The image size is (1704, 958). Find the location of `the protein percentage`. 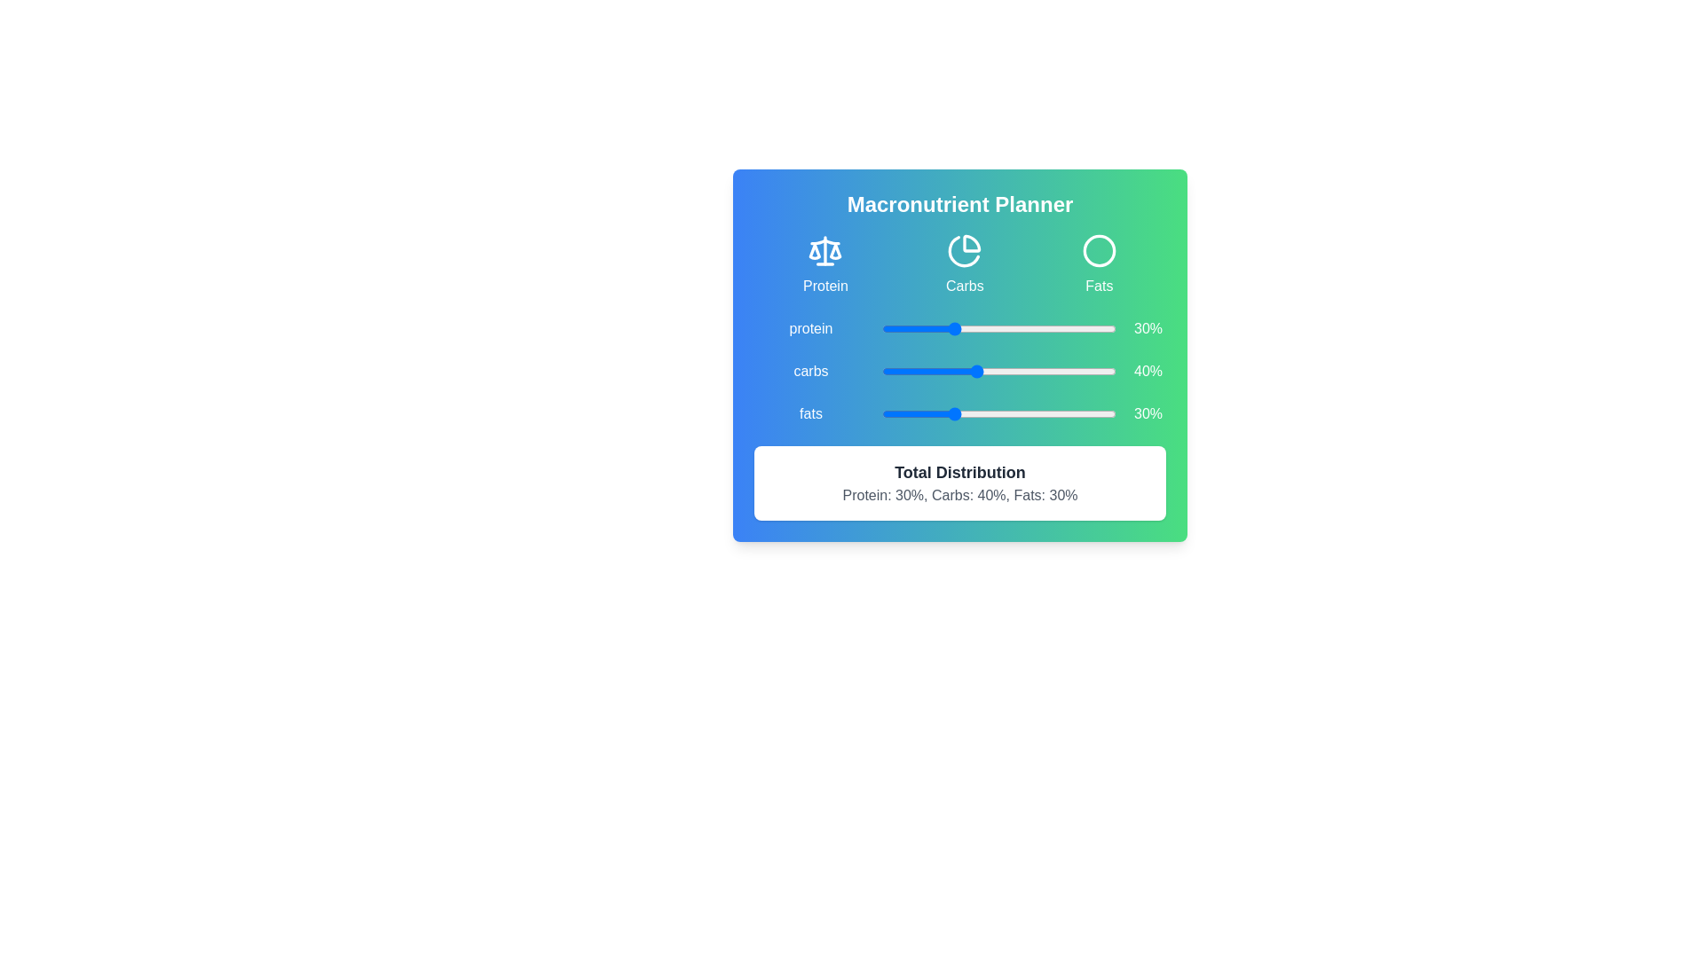

the protein percentage is located at coordinates (1057, 328).